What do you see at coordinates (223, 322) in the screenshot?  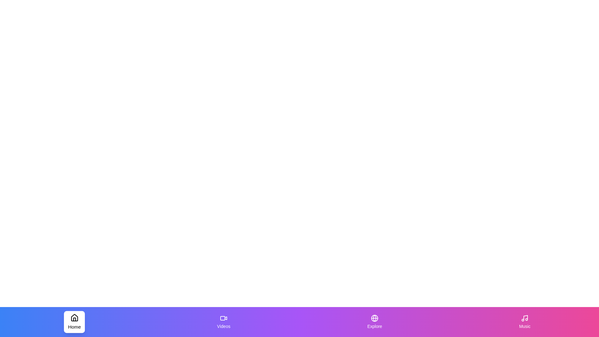 I see `the Videos tab to inspect its visual appearance and hover effects` at bounding box center [223, 322].